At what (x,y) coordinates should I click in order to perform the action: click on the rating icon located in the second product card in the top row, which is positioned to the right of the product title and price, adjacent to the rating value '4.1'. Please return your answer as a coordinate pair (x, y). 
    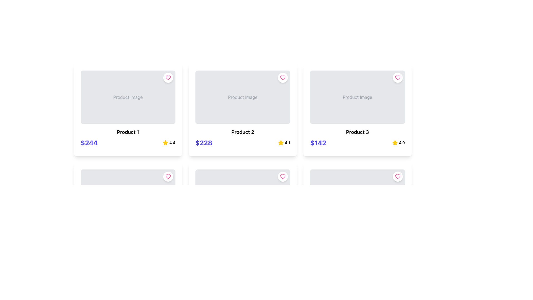
    Looking at the image, I should click on (281, 142).